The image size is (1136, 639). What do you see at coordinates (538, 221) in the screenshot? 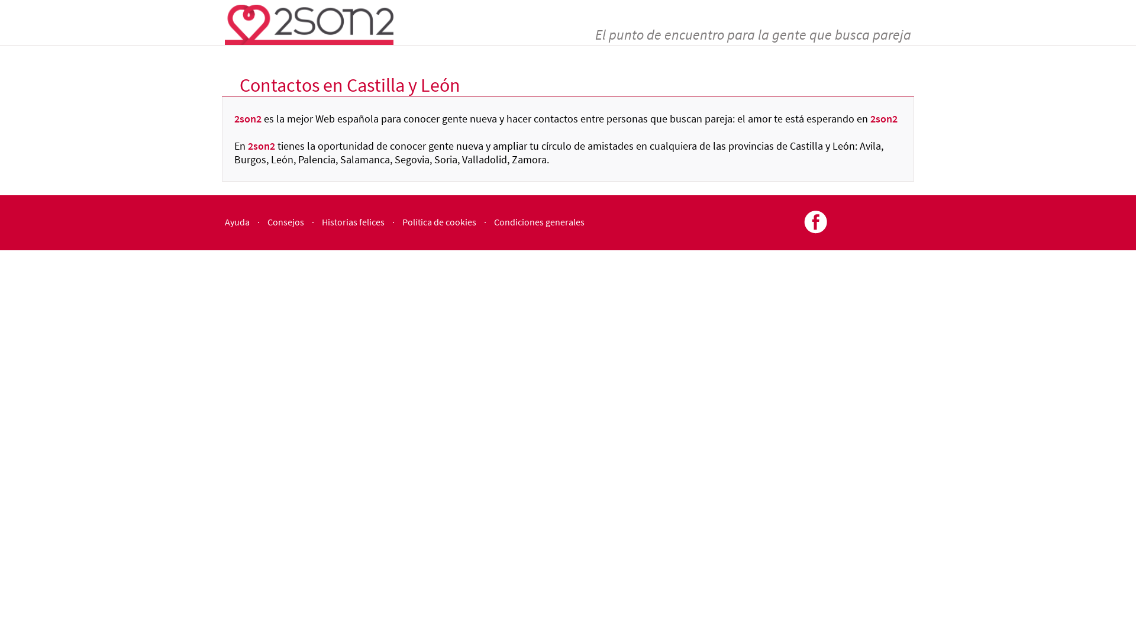
I see `'Condiciones generales'` at bounding box center [538, 221].